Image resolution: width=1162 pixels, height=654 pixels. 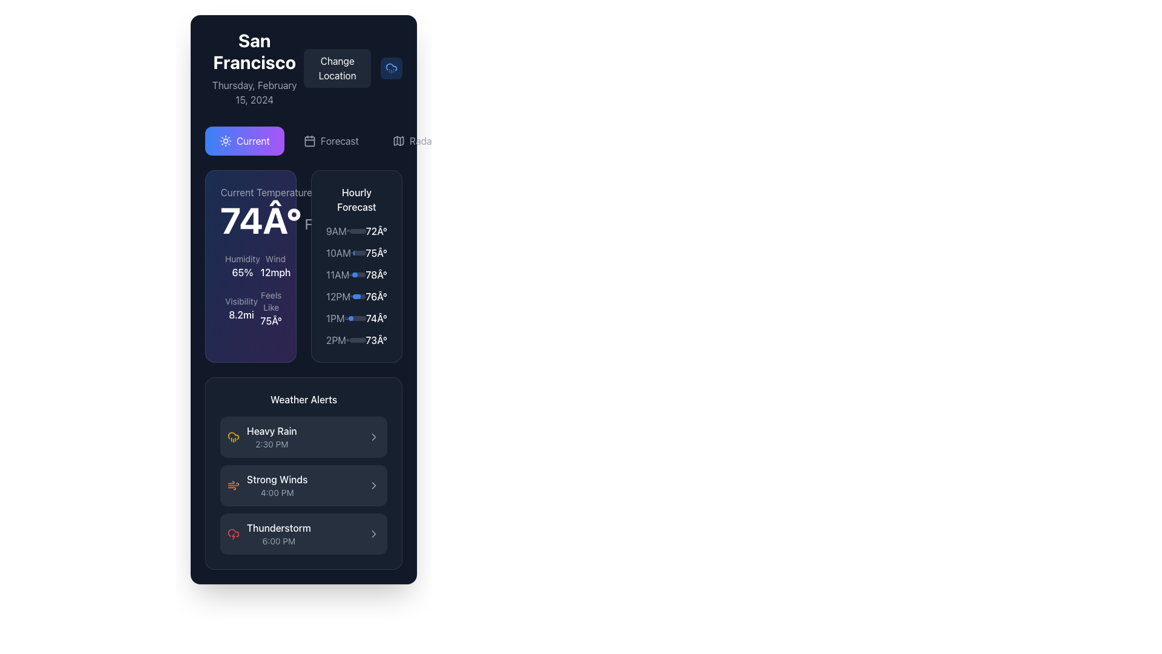 What do you see at coordinates (278, 527) in the screenshot?
I see `the text label displaying 'Thunderstorm' in the 'Weather Alerts' section, which is positioned at the bottom of the list on a dark background` at bounding box center [278, 527].